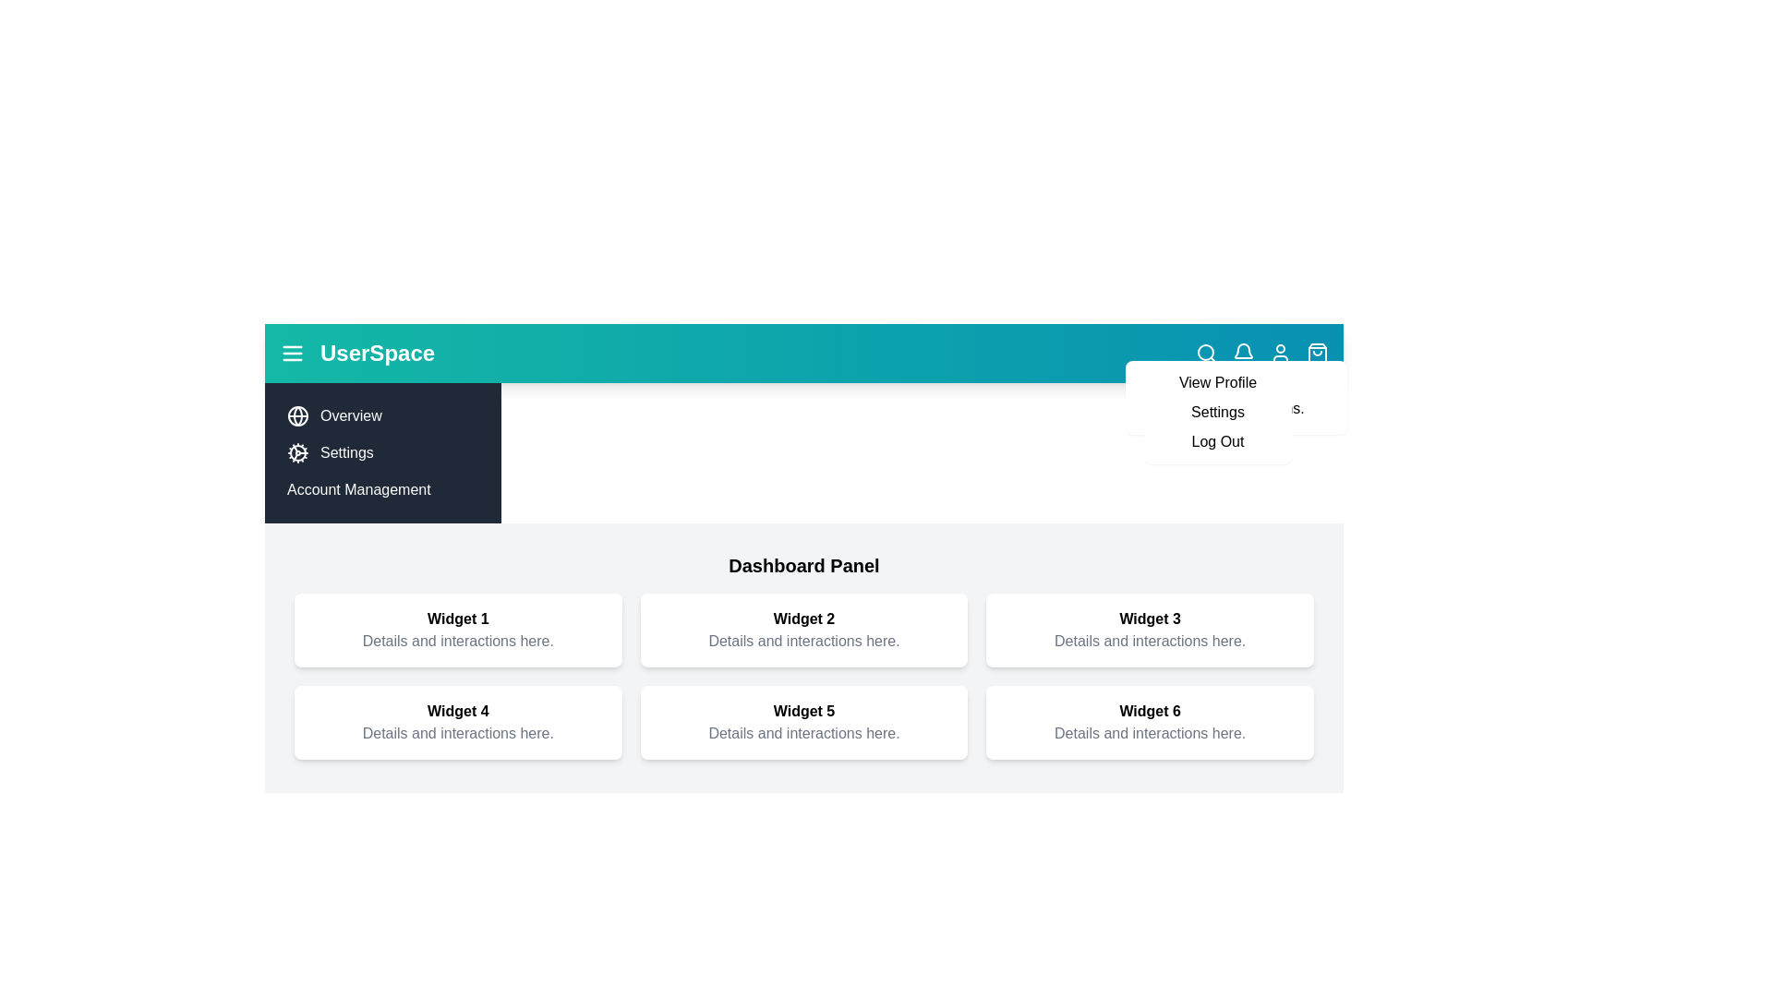 The width and height of the screenshot is (1773, 997). What do you see at coordinates (1149, 619) in the screenshot?
I see `the bold-styled text label reading 'Widget 3'` at bounding box center [1149, 619].